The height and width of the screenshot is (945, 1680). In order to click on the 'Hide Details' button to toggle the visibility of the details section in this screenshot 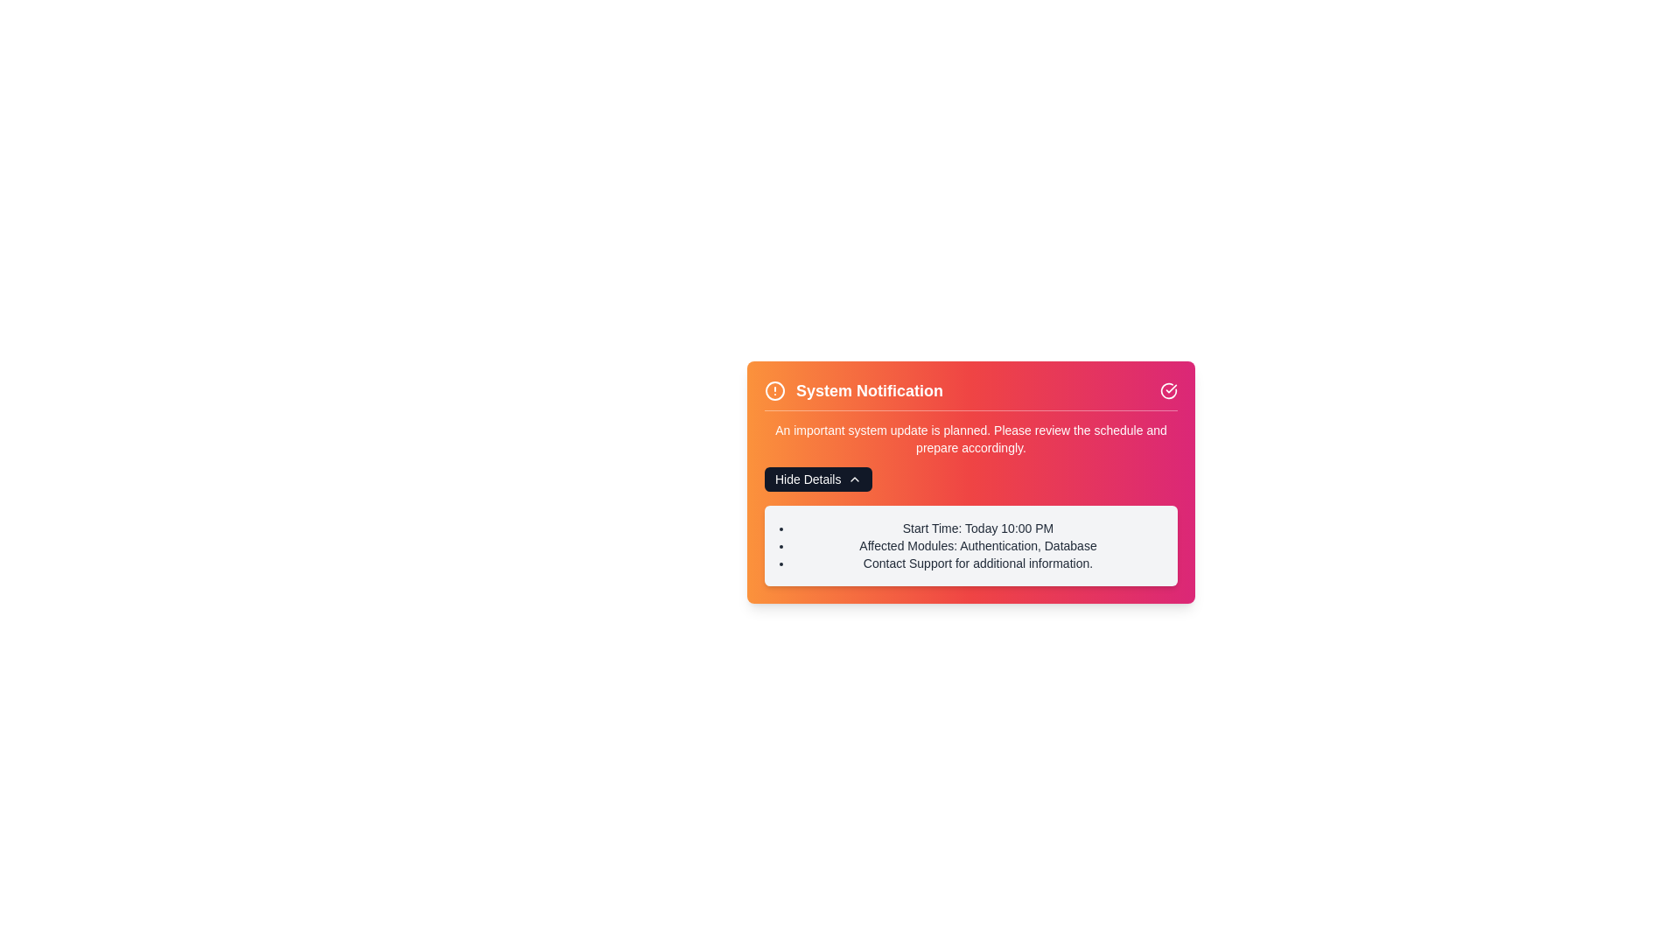, I will do `click(817, 479)`.